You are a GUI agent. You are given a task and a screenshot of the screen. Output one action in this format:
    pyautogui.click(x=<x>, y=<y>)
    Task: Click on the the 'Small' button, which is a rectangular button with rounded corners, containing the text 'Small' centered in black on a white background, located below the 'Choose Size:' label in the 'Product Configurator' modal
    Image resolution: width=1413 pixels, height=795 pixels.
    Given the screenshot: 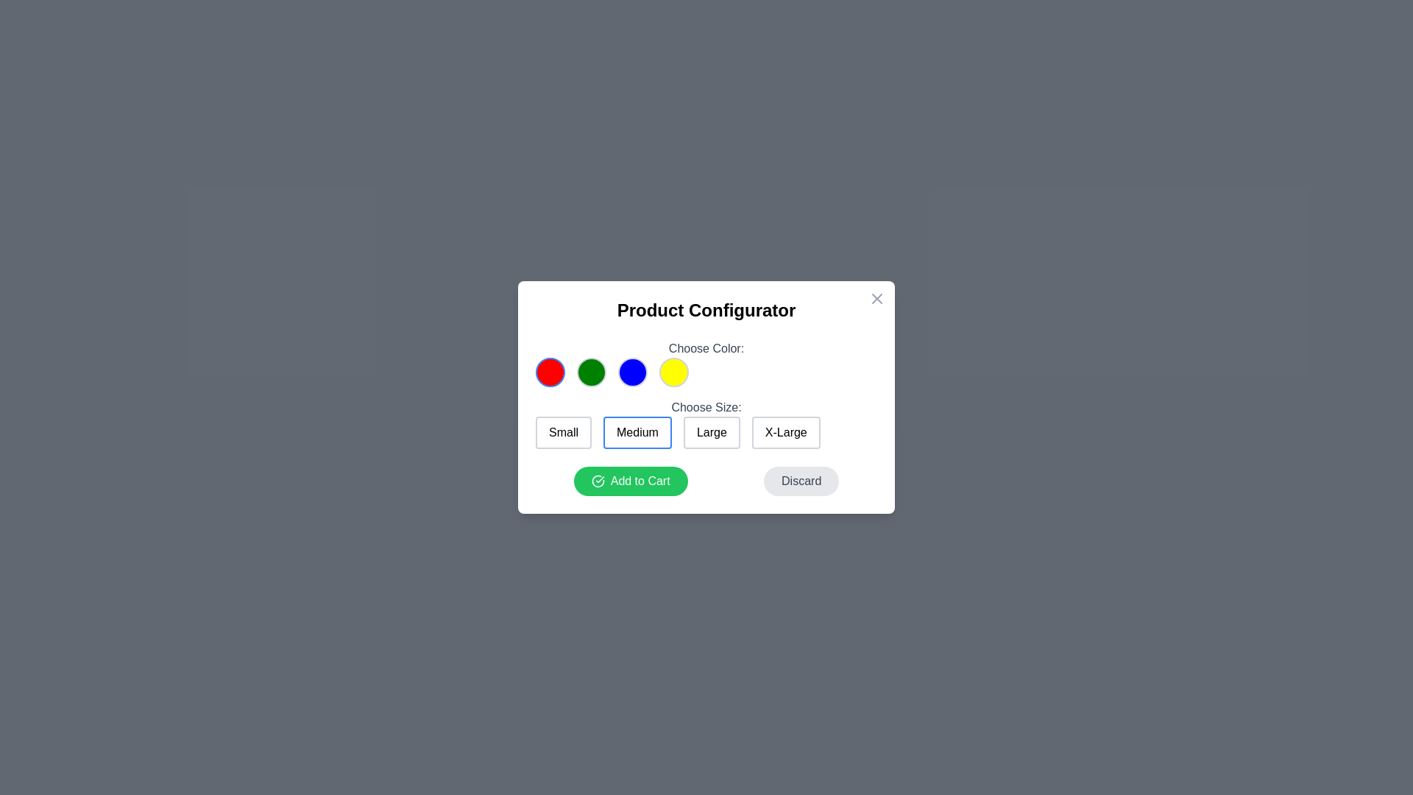 What is the action you would take?
    pyautogui.click(x=563, y=431)
    